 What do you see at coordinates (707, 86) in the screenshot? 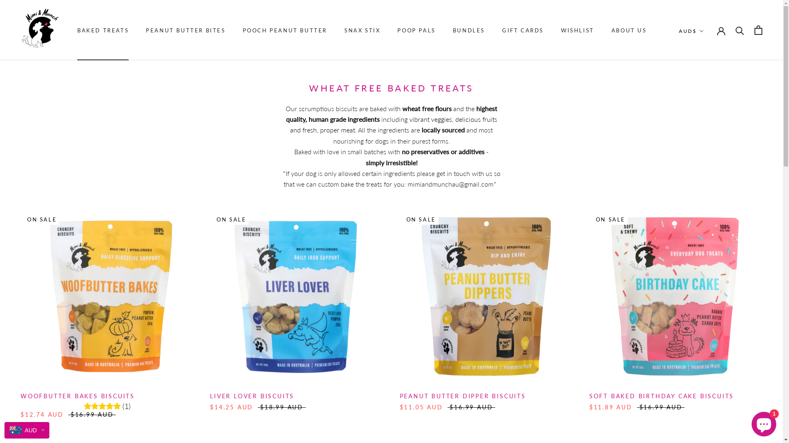
I see `'AMD'` at bounding box center [707, 86].